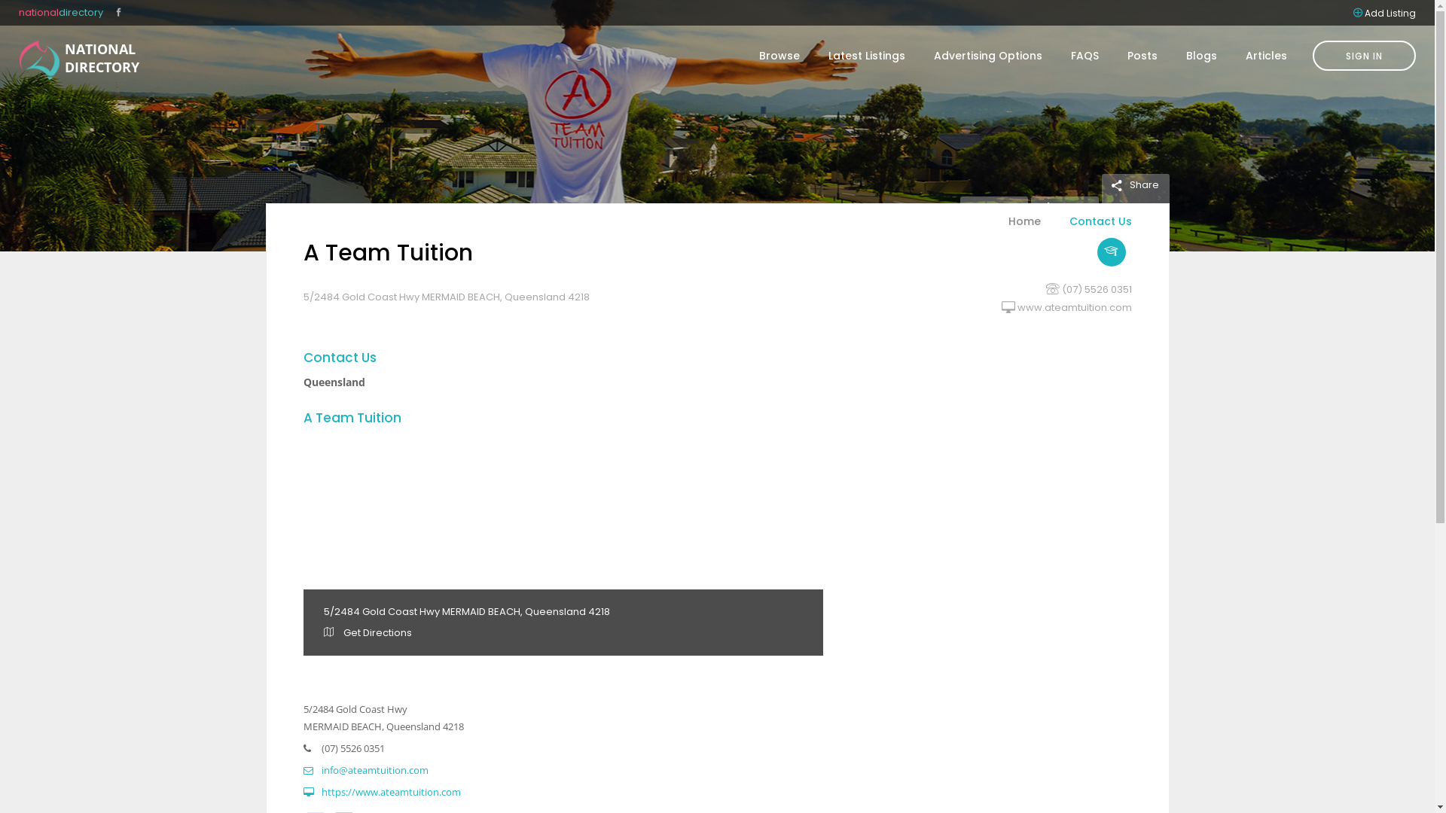 This screenshot has height=813, width=1446. I want to click on 'www.ateamtuition.com', so click(1072, 306).